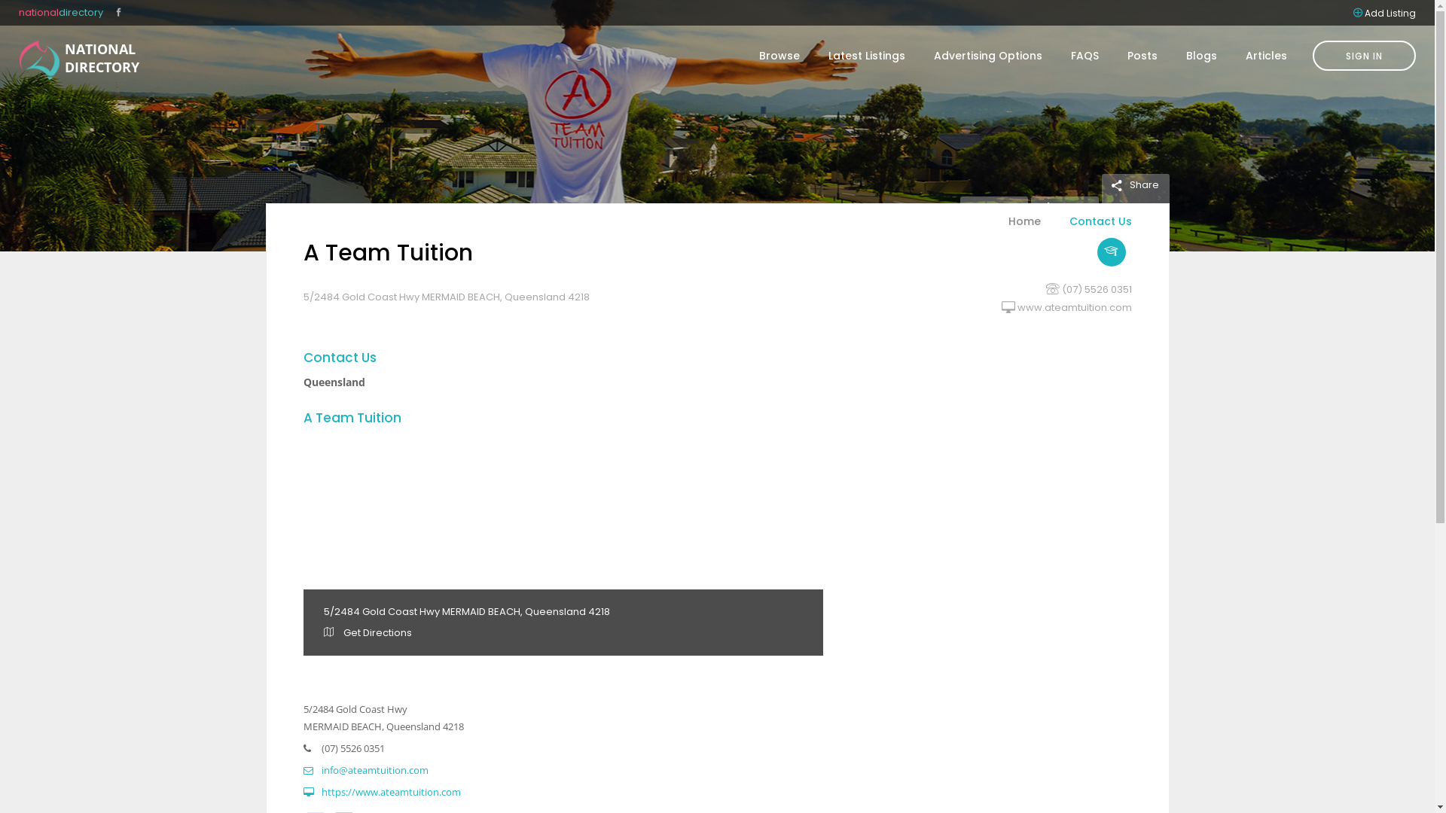 This screenshot has height=813, width=1446. I want to click on 'www.ateamtuition.com', so click(1072, 306).